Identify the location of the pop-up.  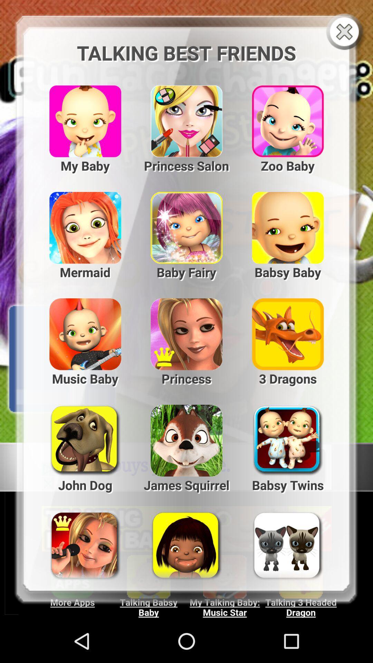
(346, 32).